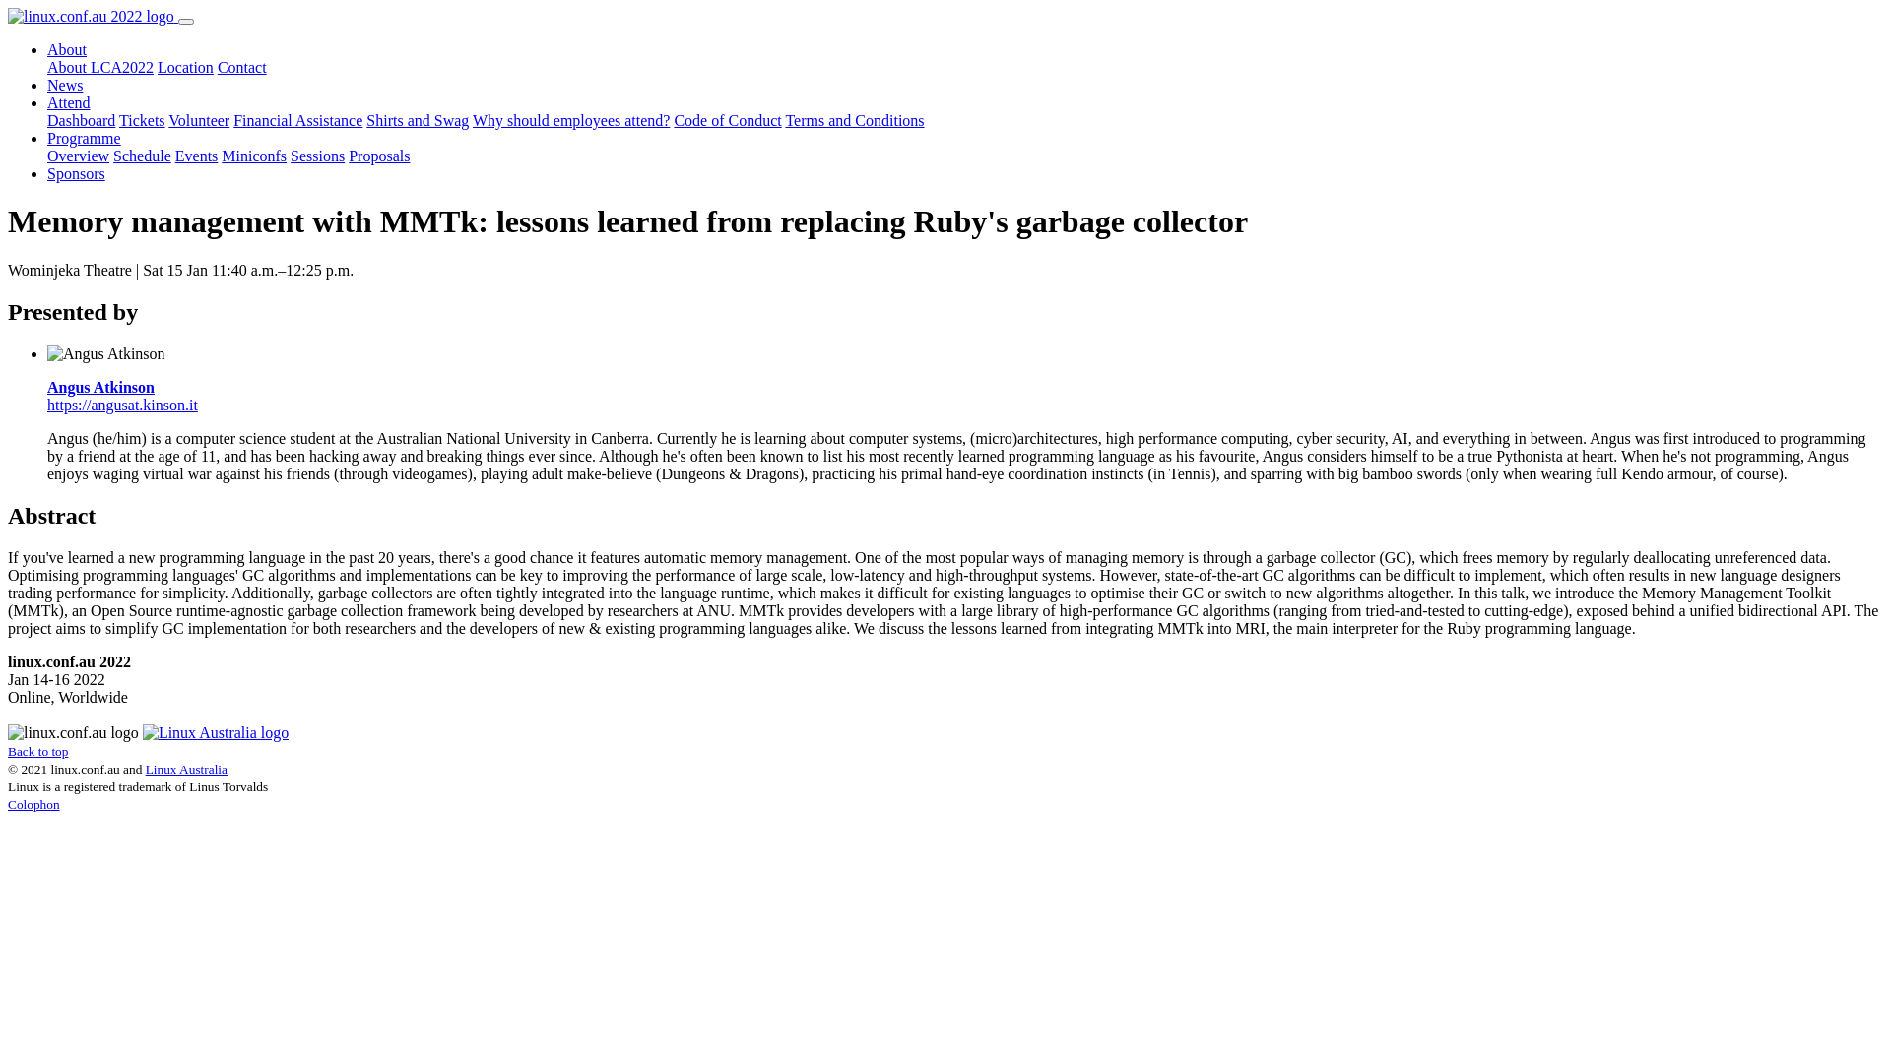 Image resolution: width=1891 pixels, height=1063 pixels. I want to click on 'Dashboard', so click(80, 120).